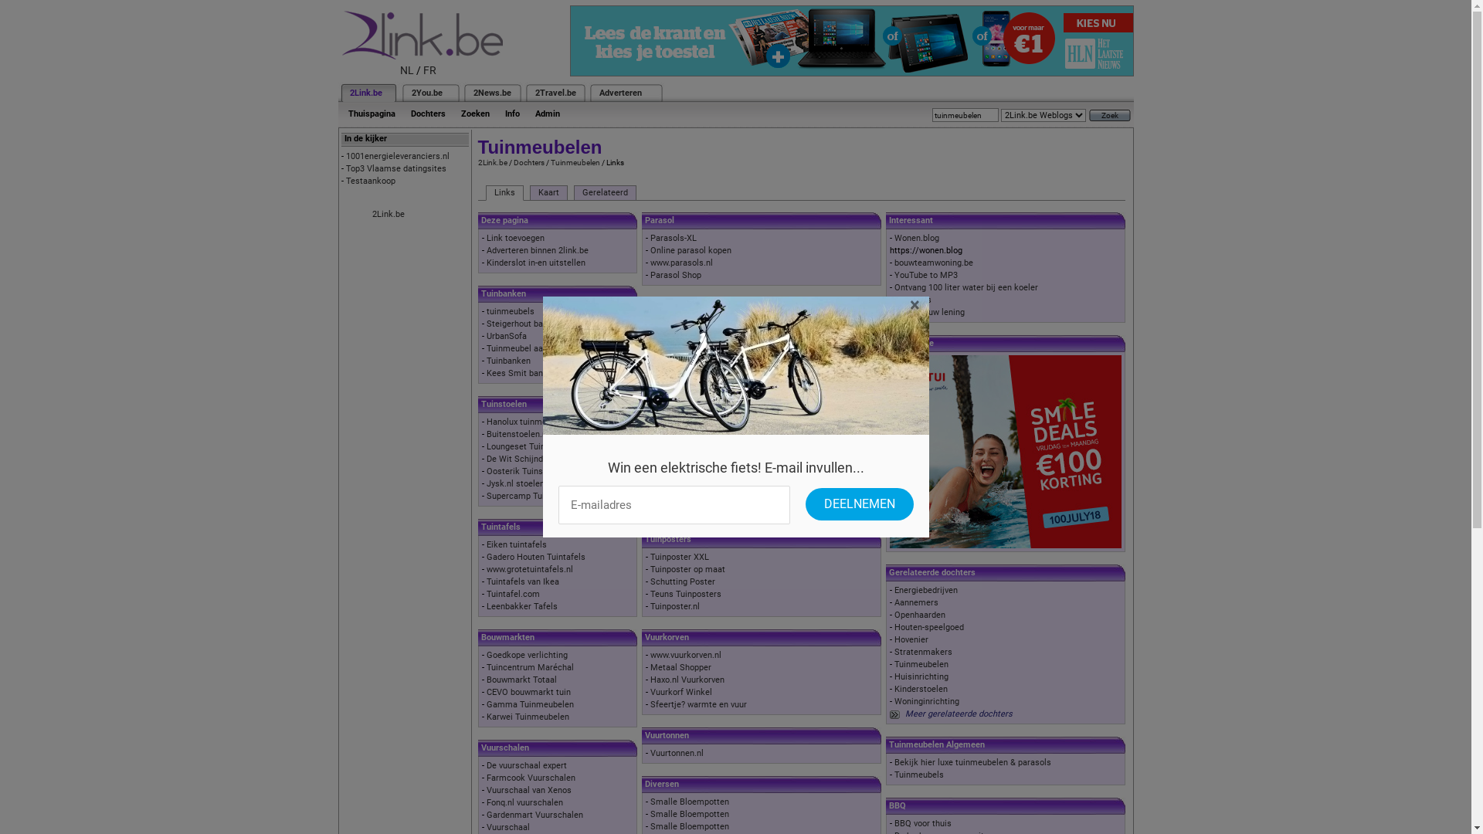 The height and width of the screenshot is (834, 1483). What do you see at coordinates (371, 113) in the screenshot?
I see `'Thuispagina'` at bounding box center [371, 113].